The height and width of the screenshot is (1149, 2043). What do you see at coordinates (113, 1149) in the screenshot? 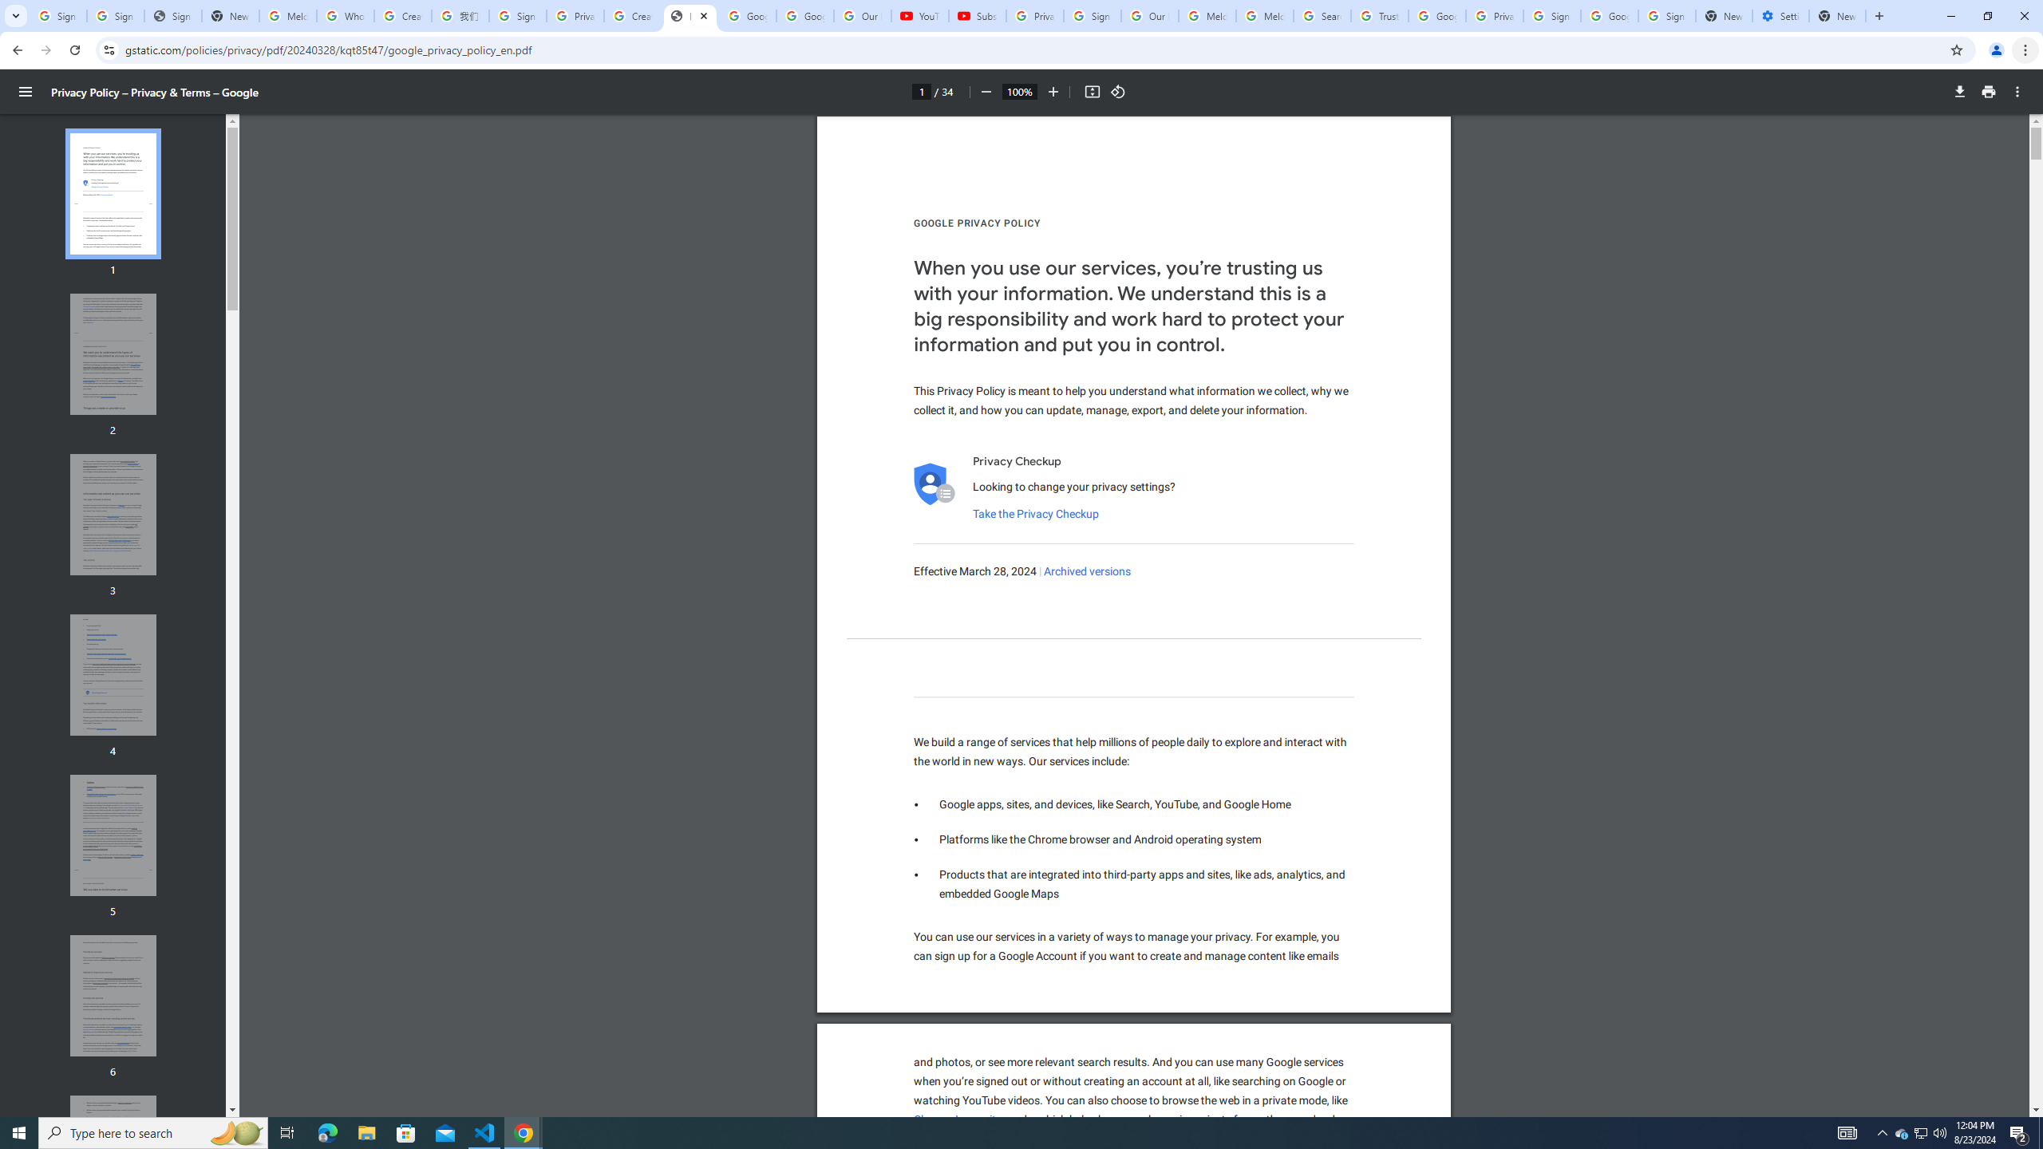
I see `'Thumbnail for page 7'` at bounding box center [113, 1149].